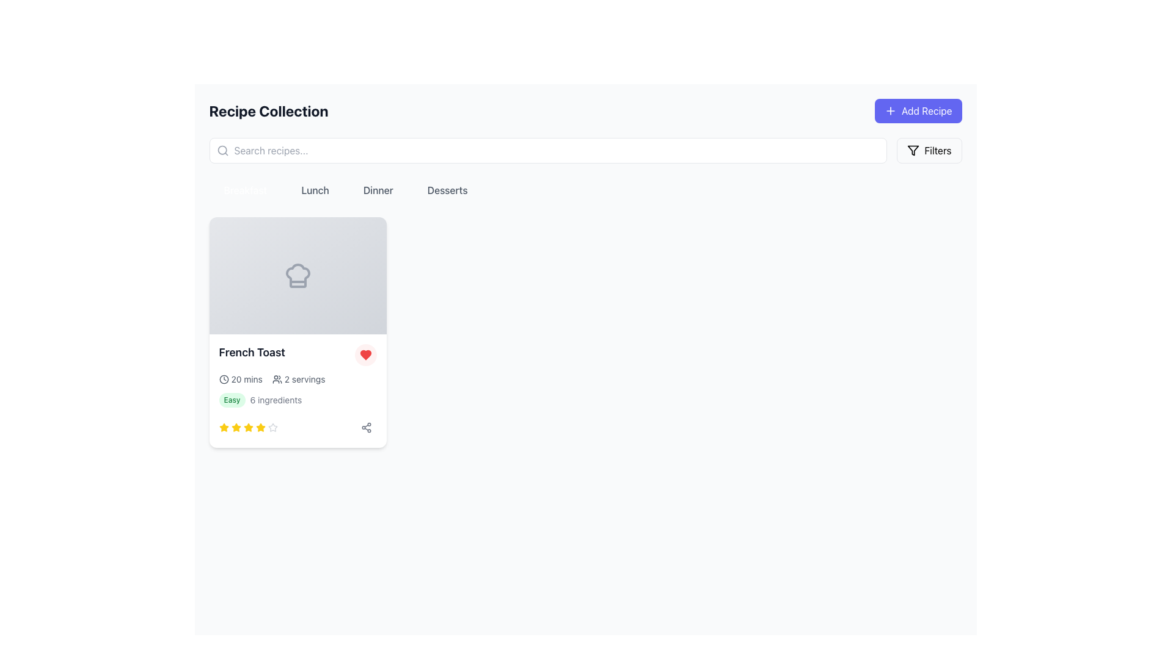  Describe the element at coordinates (929, 149) in the screenshot. I see `the 'Filters' button located at the top-right corner of the interface` at that location.